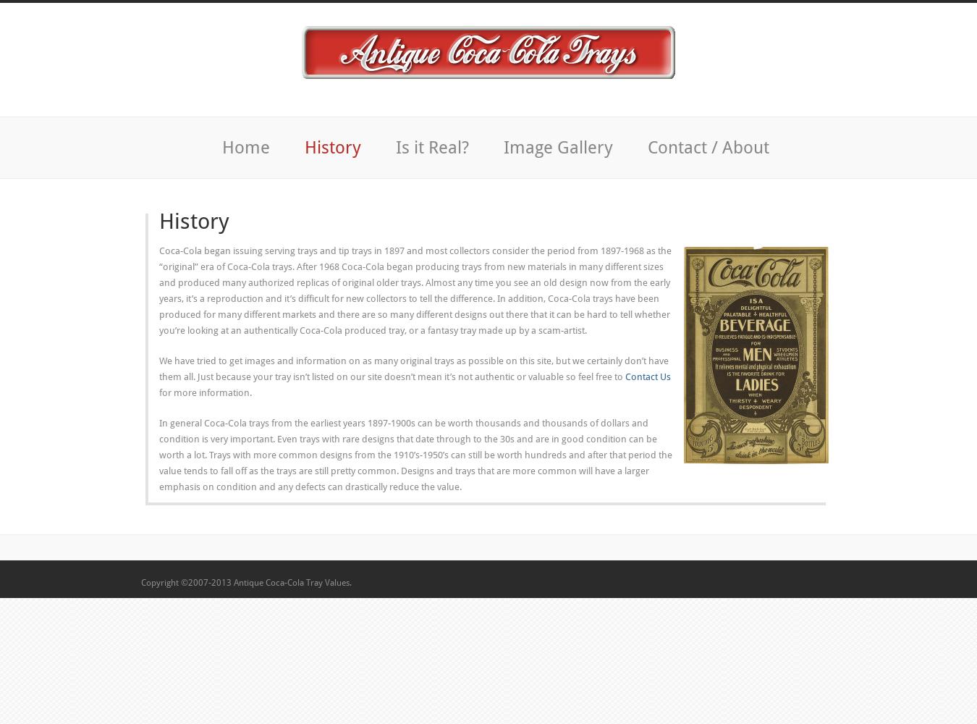 The width and height of the screenshot is (977, 724). I want to click on 'In general Coca-Cola trays from the earliest years 1897-1900s can be worth thousands and thousands of dollars and condition is very important. Even trays with rare designs that date through to the 30s and are in good condition can be worth a lot. Trays with more common designs from the 1910’s-1950’s can still be worth hundreds and after that period the value tends to fall off as the trays are still pretty common. Designs and trays that are more common will have a larger emphasis on condition and any defects can drastically reduce the value.', so click(159, 455).